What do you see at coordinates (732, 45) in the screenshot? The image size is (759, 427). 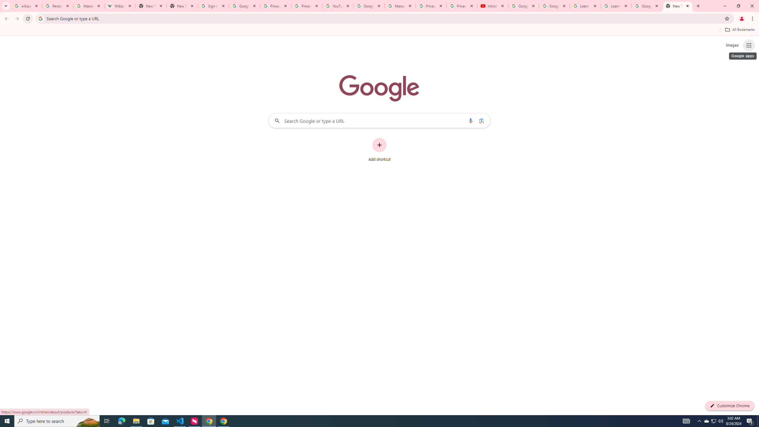 I see `'Search for Images '` at bounding box center [732, 45].